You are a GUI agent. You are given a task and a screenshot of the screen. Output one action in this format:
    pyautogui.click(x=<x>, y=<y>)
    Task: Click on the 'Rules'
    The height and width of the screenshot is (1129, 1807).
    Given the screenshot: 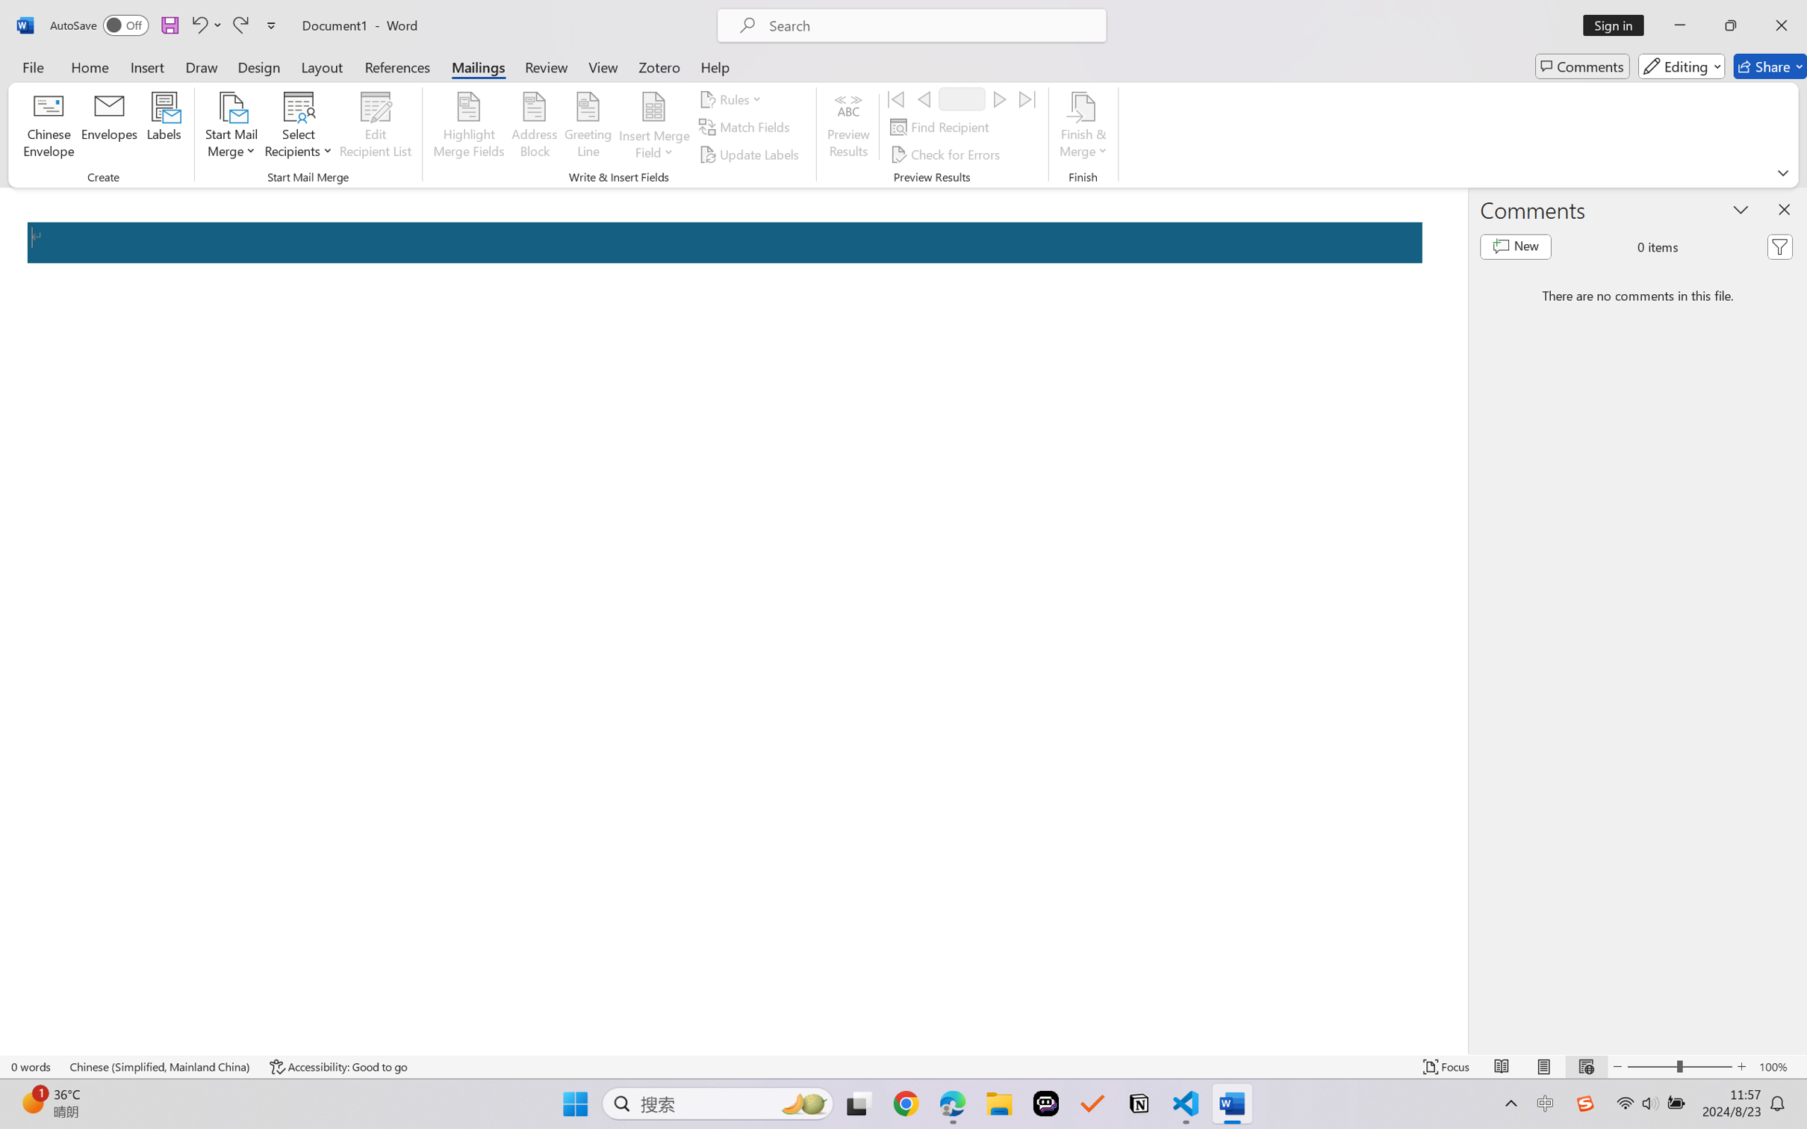 What is the action you would take?
    pyautogui.click(x=732, y=98)
    